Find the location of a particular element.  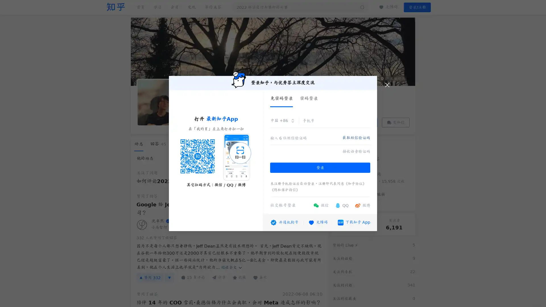

15 is located at coordinates (193, 277).